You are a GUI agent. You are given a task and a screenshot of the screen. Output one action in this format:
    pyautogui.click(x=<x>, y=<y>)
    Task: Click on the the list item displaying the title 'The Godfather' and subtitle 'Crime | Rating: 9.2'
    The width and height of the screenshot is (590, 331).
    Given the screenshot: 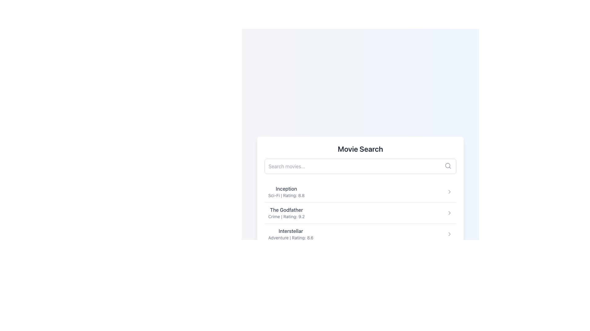 What is the action you would take?
    pyautogui.click(x=360, y=212)
    